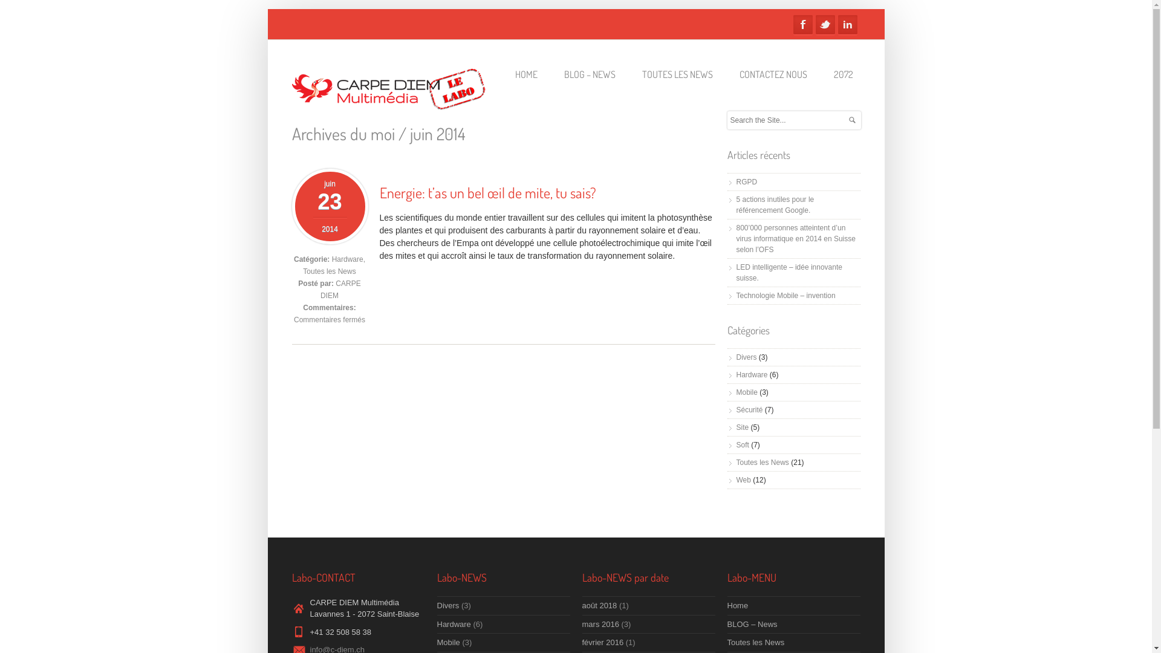 The width and height of the screenshot is (1161, 653). What do you see at coordinates (447, 605) in the screenshot?
I see `'Divers'` at bounding box center [447, 605].